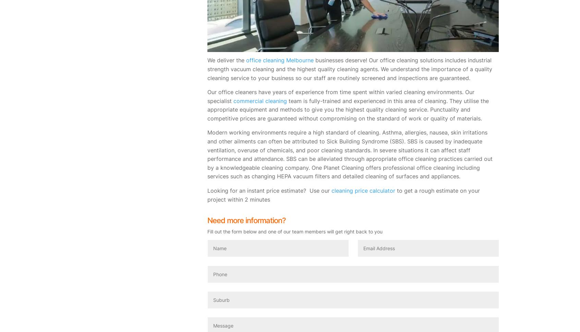 This screenshot has height=332, width=580. What do you see at coordinates (269, 190) in the screenshot?
I see `'Looking for an instant price estimate?  Use our'` at bounding box center [269, 190].